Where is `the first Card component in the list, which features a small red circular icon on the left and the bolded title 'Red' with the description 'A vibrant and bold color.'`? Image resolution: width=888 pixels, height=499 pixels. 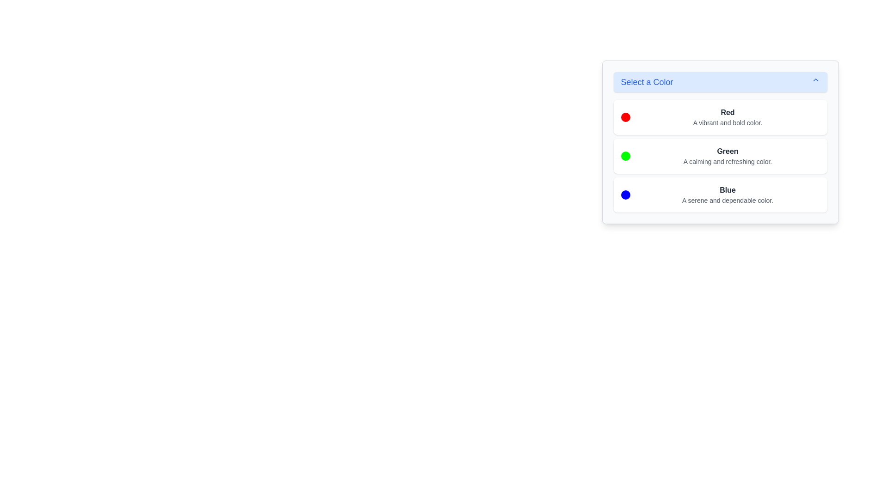
the first Card component in the list, which features a small red circular icon on the left and the bolded title 'Red' with the description 'A vibrant and bold color.' is located at coordinates (720, 117).